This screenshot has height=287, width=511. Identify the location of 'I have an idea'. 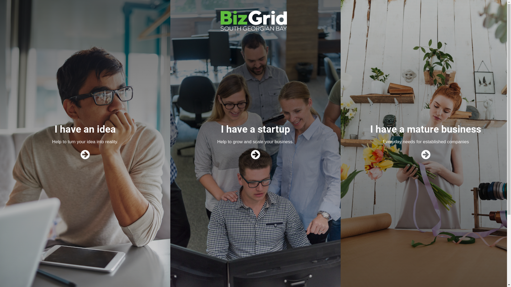
(85, 129).